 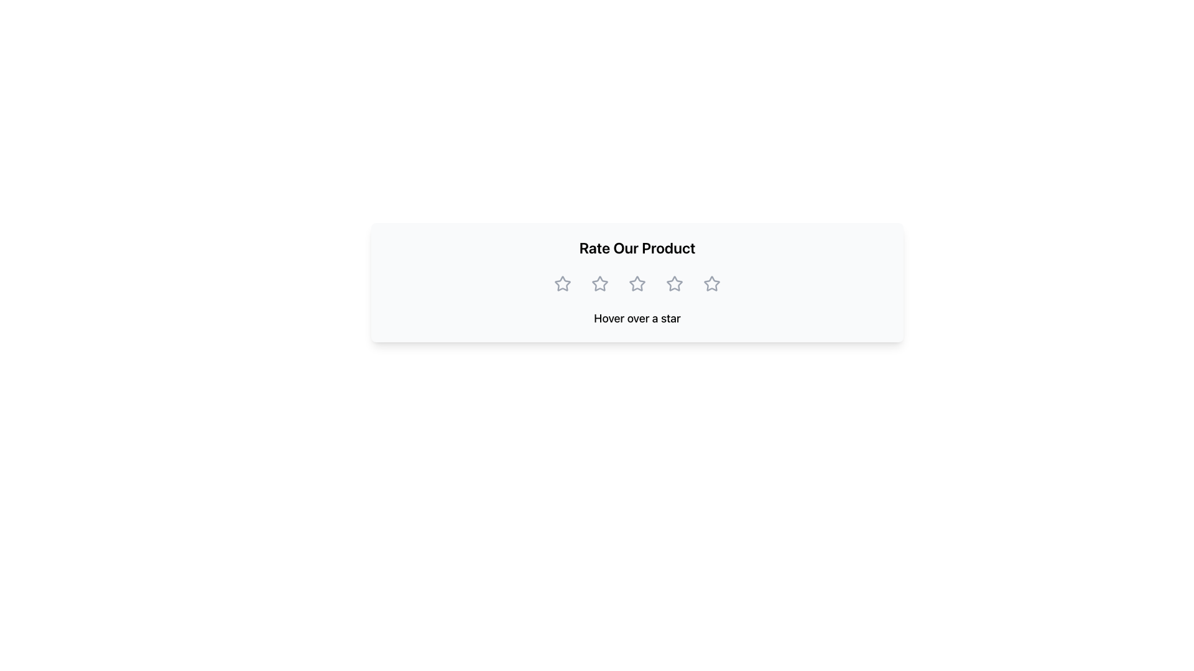 What do you see at coordinates (562, 283) in the screenshot?
I see `the first star icon in the star rating system` at bounding box center [562, 283].